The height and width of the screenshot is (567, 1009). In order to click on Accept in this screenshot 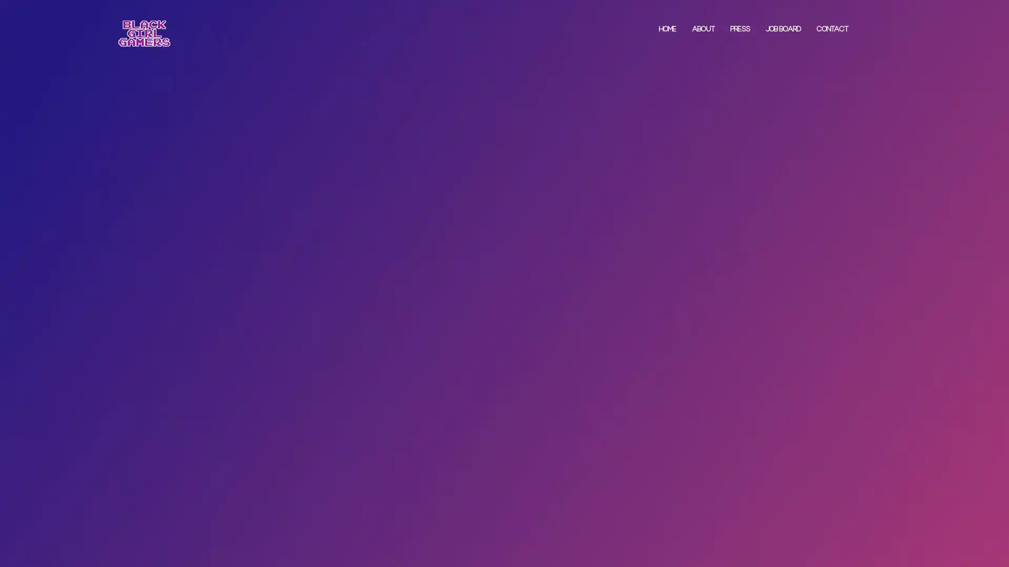, I will do `click(964, 550)`.